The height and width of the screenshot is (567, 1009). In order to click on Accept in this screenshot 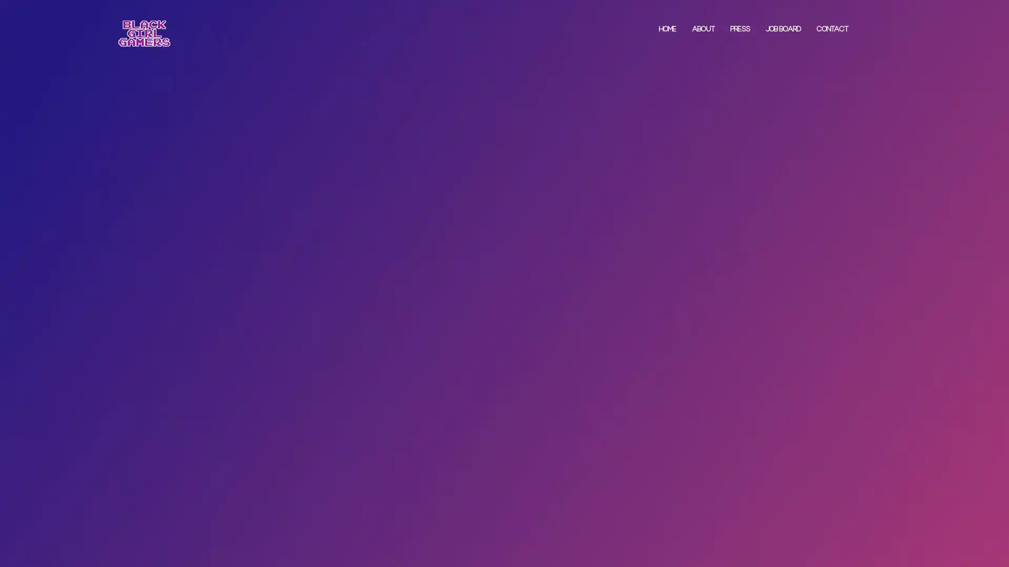, I will do `click(964, 550)`.